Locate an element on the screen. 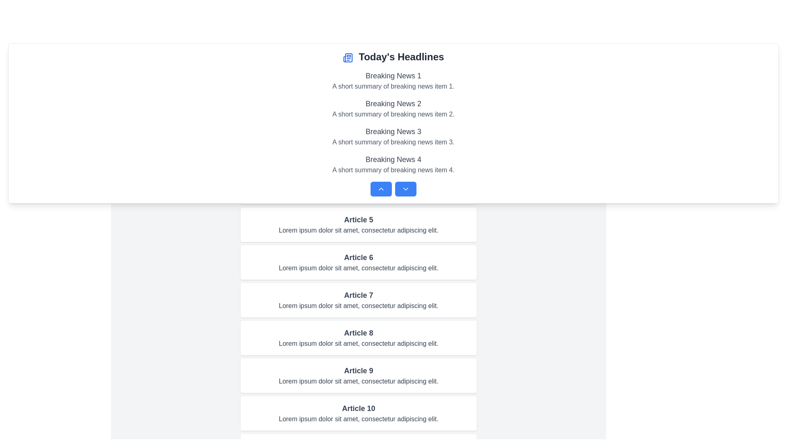 The height and width of the screenshot is (443, 787). the upward navigation button, which is the first in a group and located below the 'Breaking News' section is located at coordinates (381, 189).